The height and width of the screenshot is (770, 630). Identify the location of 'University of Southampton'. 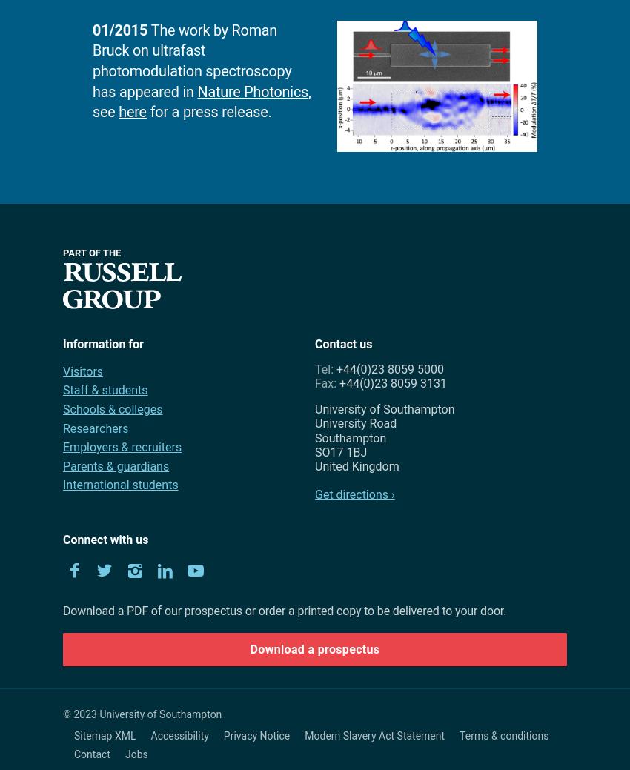
(384, 409).